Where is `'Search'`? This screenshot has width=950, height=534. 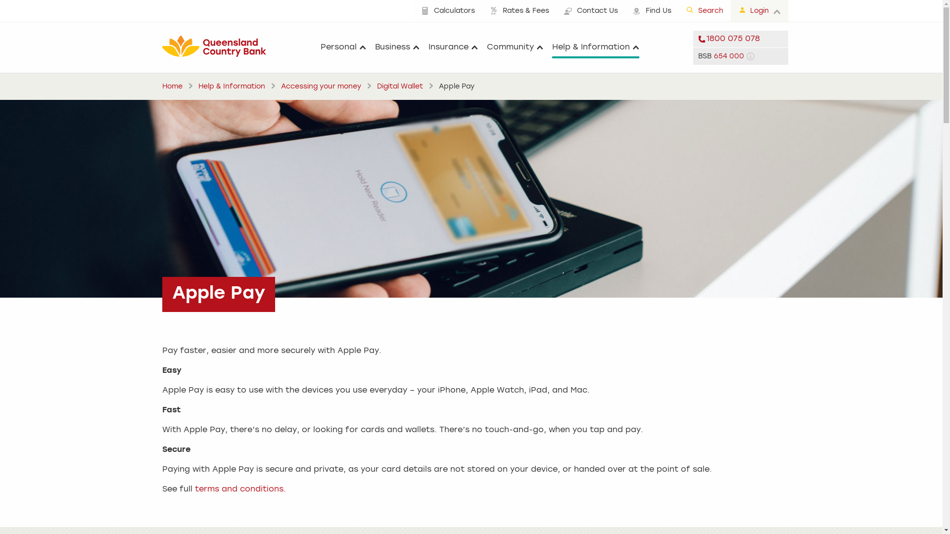
'Search' is located at coordinates (704, 11).